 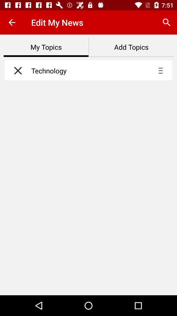 I want to click on the icon above add topics icon, so click(x=167, y=22).